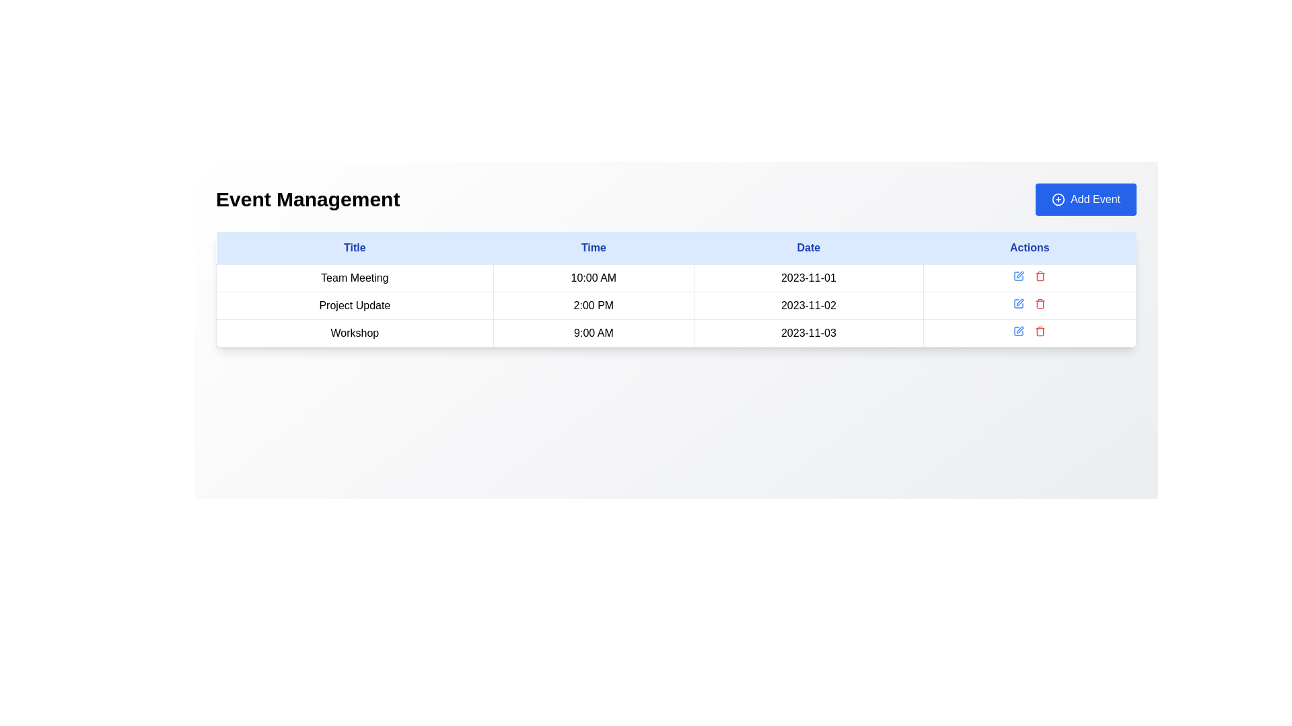 This screenshot has height=726, width=1292. I want to click on properties of the text label displaying 'Time', which is the second header in a row of four within a table structure, so click(593, 248).